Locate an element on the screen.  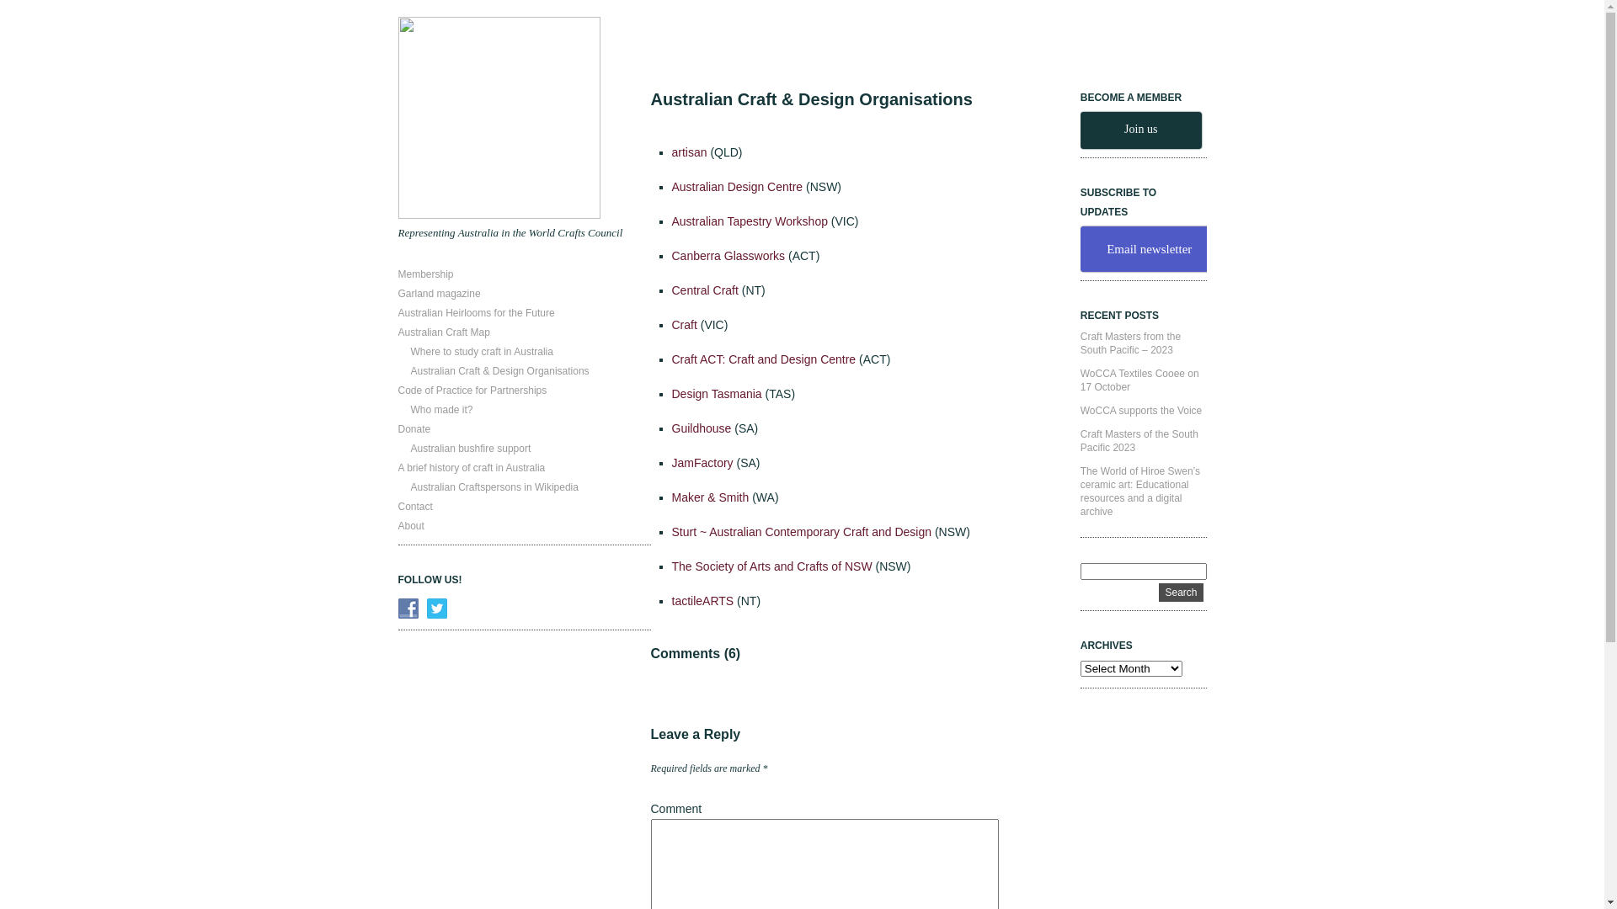
'Australian Craft & Design Organisations' is located at coordinates (499, 369).